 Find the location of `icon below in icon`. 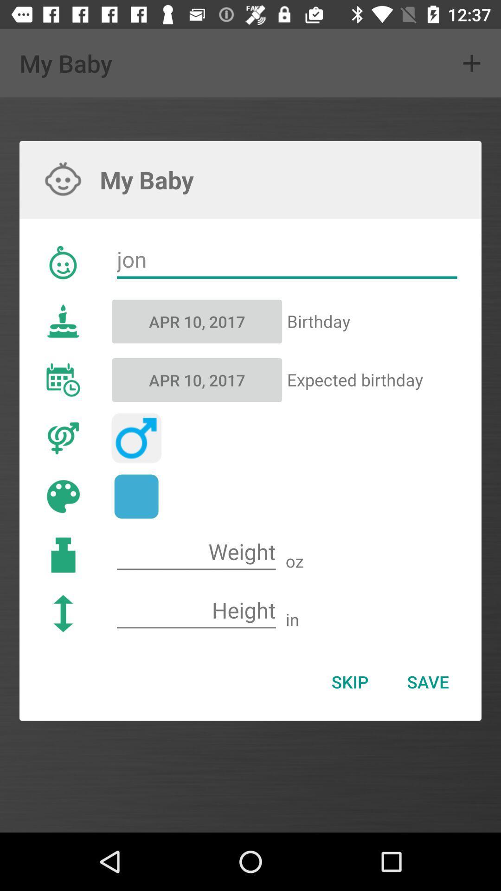

icon below in icon is located at coordinates (350, 682).